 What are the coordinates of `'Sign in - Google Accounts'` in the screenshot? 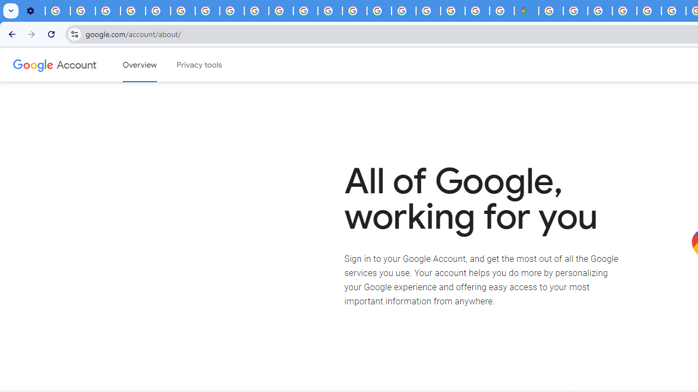 It's located at (551, 11).